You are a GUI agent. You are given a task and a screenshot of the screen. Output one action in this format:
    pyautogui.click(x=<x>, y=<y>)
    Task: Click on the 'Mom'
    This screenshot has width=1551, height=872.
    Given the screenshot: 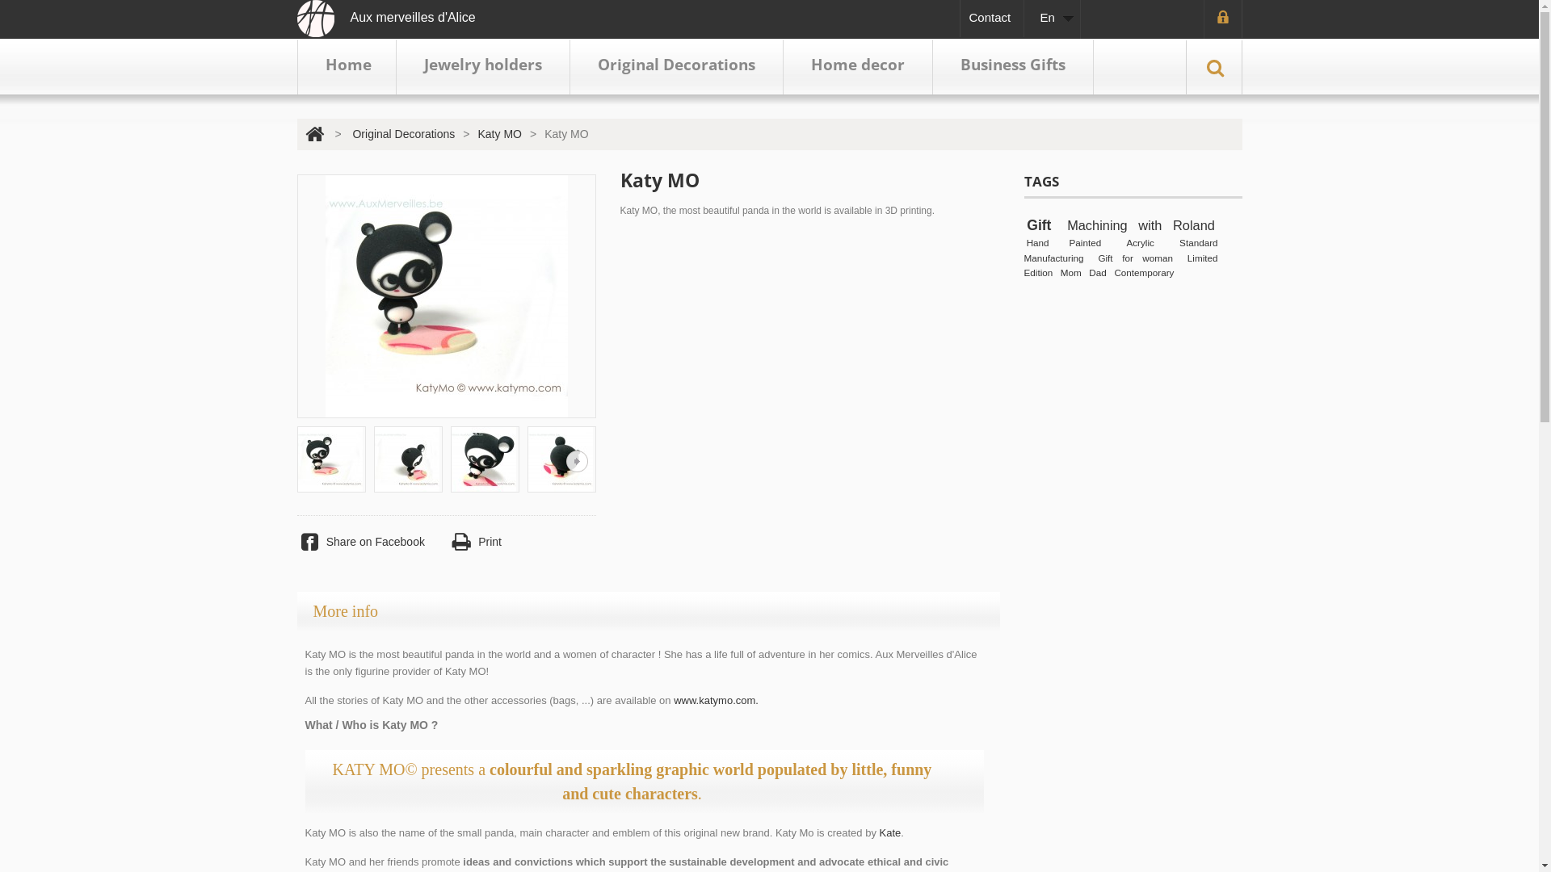 What is the action you would take?
    pyautogui.click(x=1058, y=273)
    